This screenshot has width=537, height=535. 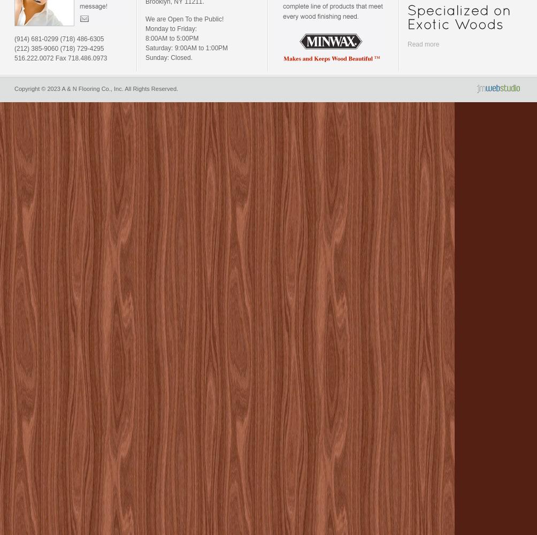 I want to click on '(914) 681-0299 (718) 486-6305', so click(x=14, y=39).